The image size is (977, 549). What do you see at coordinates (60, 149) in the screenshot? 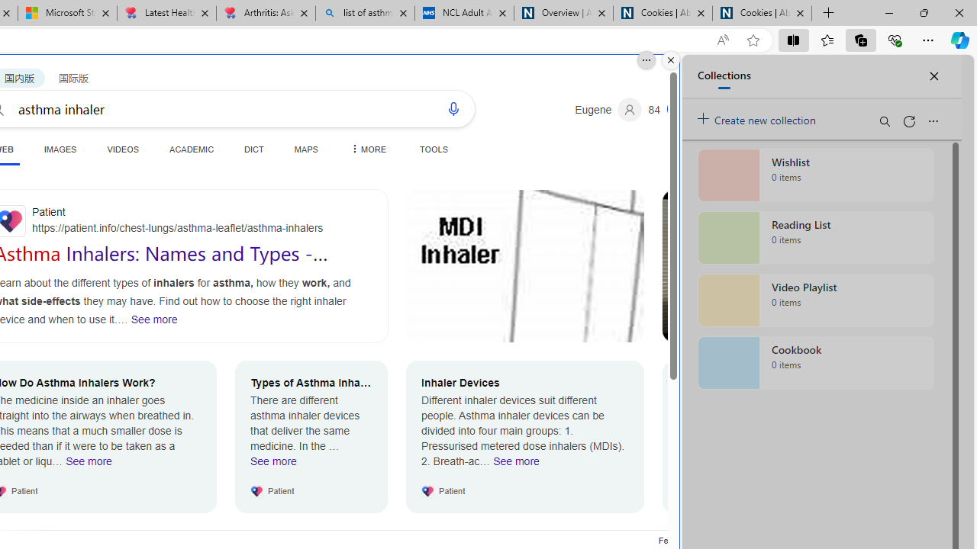
I see `'IMAGES'` at bounding box center [60, 149].